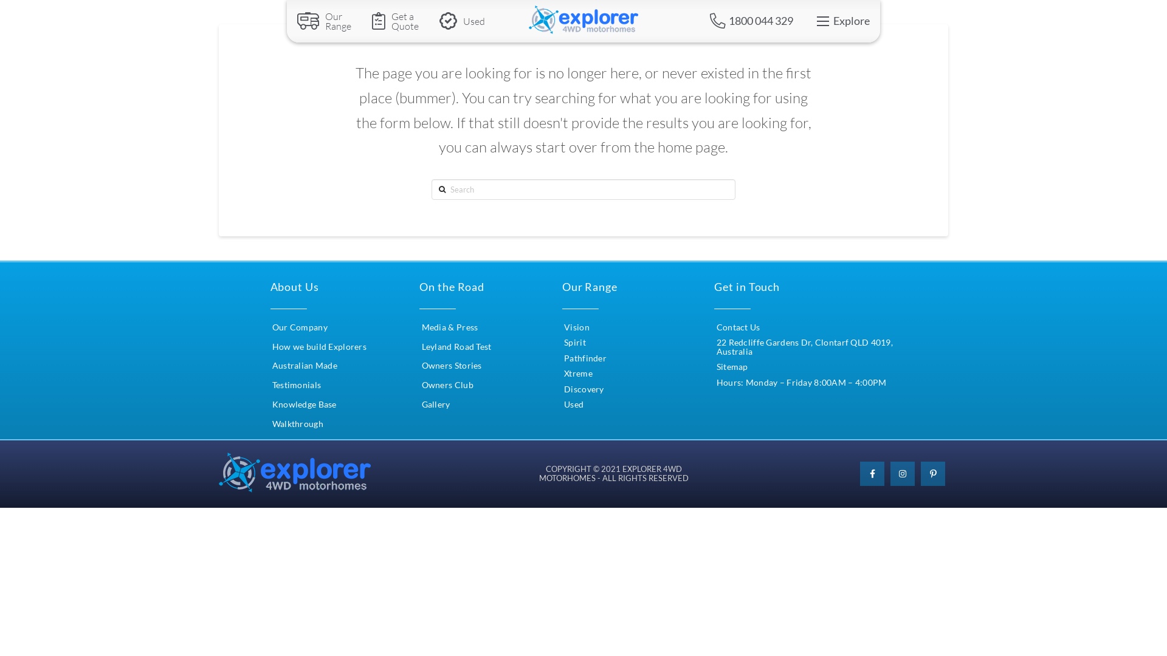 This screenshot has width=1167, height=656. I want to click on 'Media & Press', so click(449, 327).